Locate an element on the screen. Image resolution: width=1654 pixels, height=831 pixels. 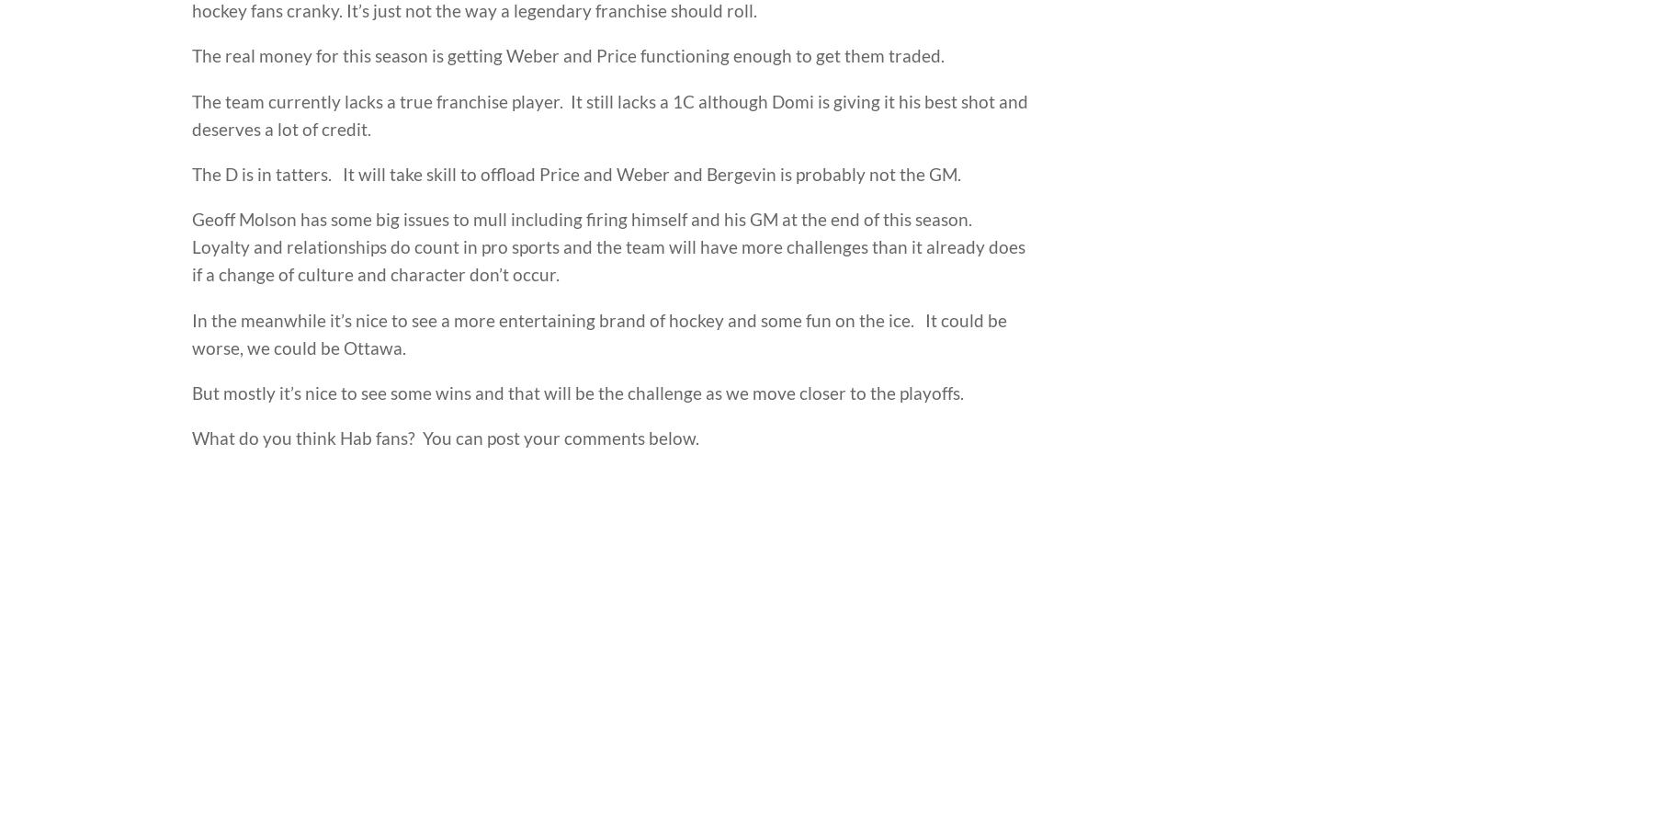
'headlines' is located at coordinates (262, 658).